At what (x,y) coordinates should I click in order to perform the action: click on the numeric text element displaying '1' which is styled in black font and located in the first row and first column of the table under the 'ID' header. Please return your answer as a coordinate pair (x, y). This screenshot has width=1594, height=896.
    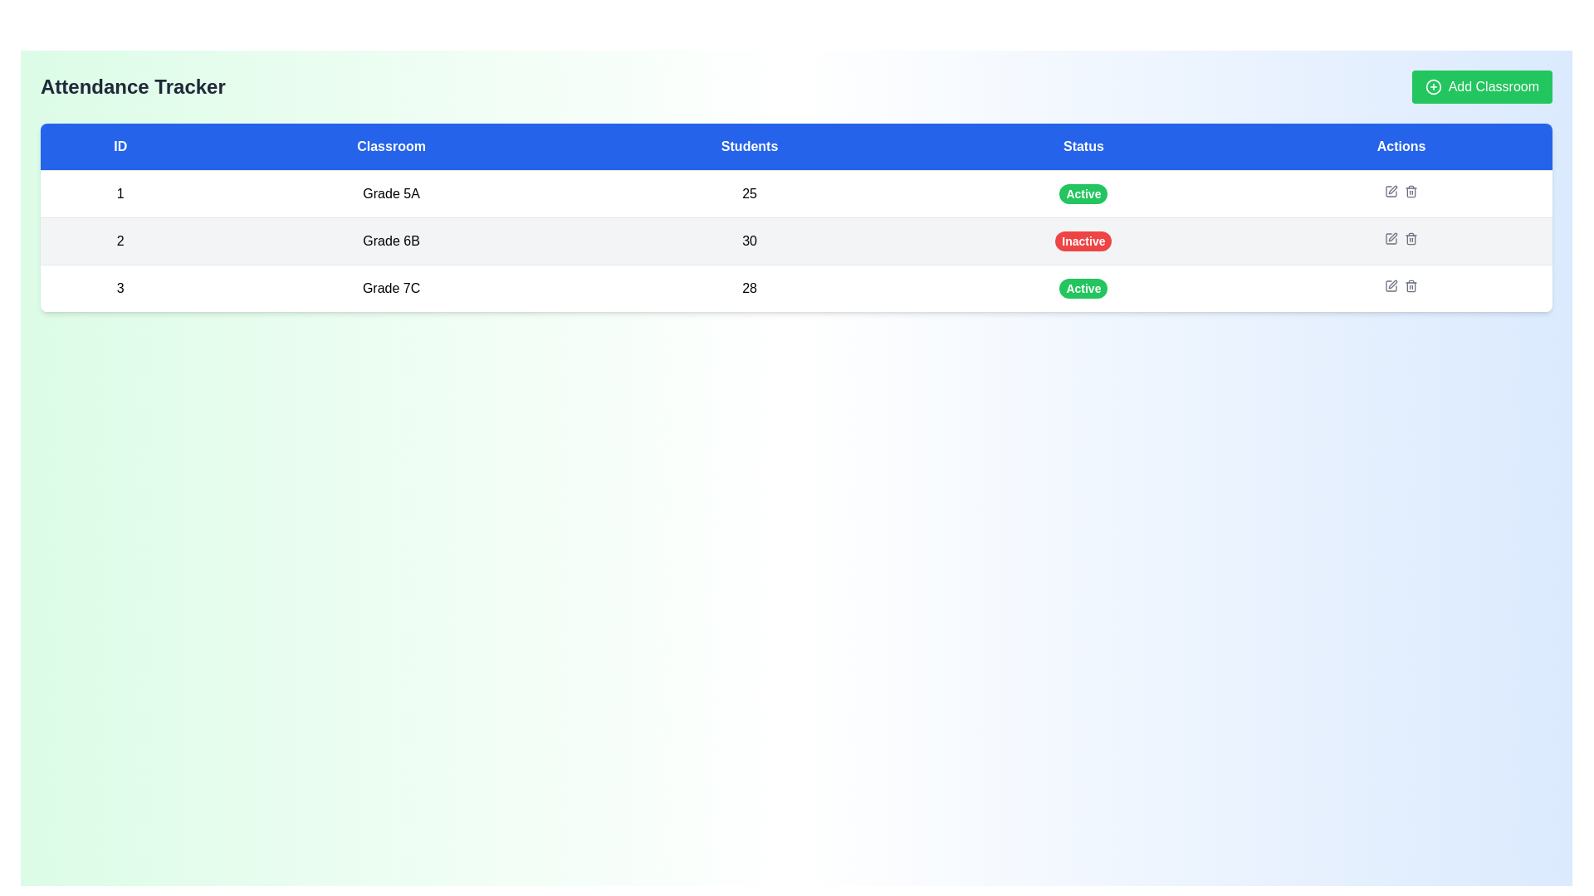
    Looking at the image, I should click on (120, 193).